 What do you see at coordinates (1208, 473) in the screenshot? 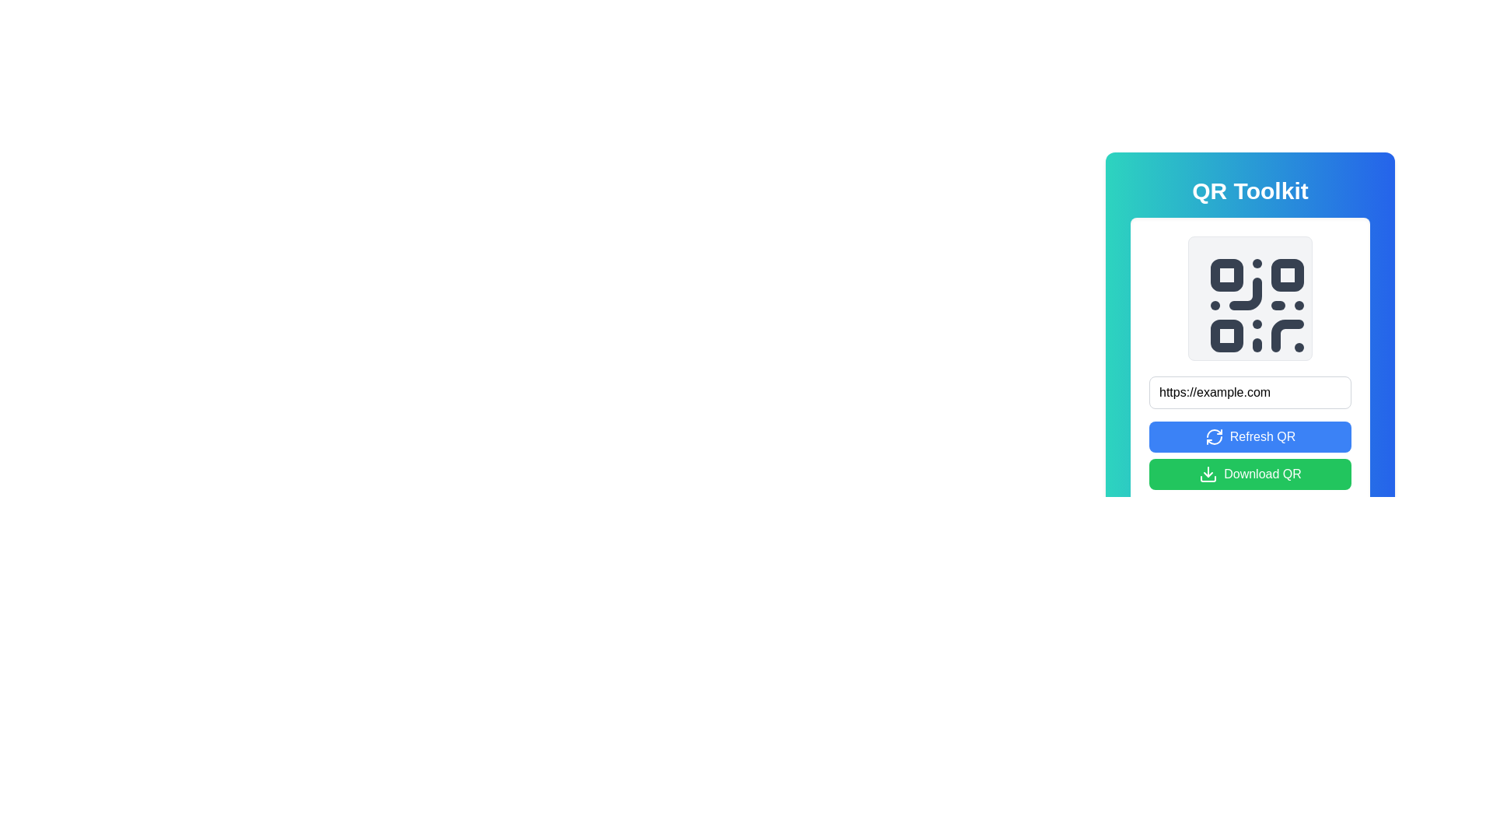
I see `the white downward arrow icon within the green 'Download QR' button located at the bottom area of the panel` at bounding box center [1208, 473].